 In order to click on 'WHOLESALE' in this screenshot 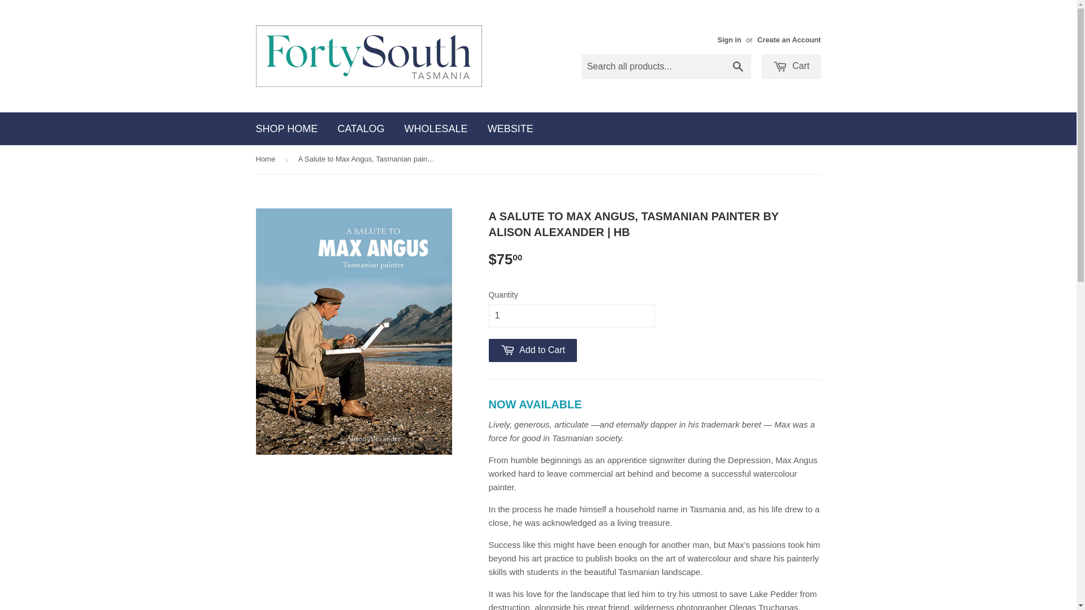, I will do `click(436, 128)`.